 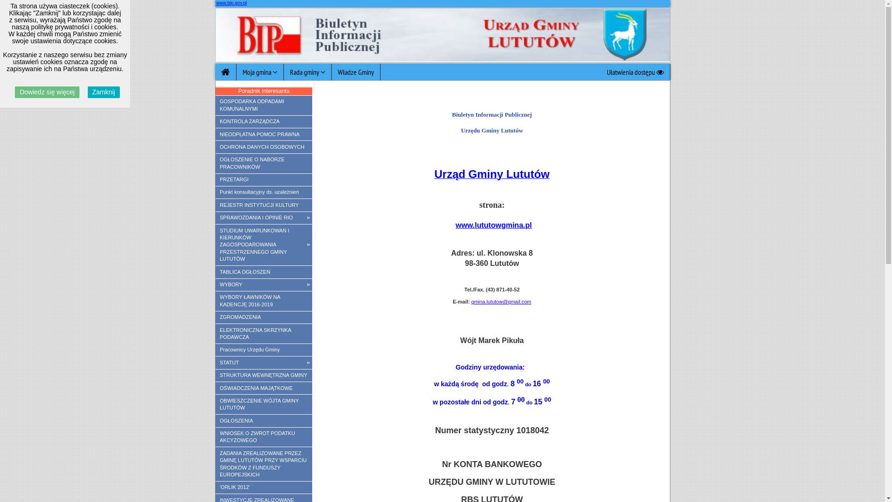 I want to click on 'OCHRONA DANYCH OSOBOWYCH', so click(x=263, y=146).